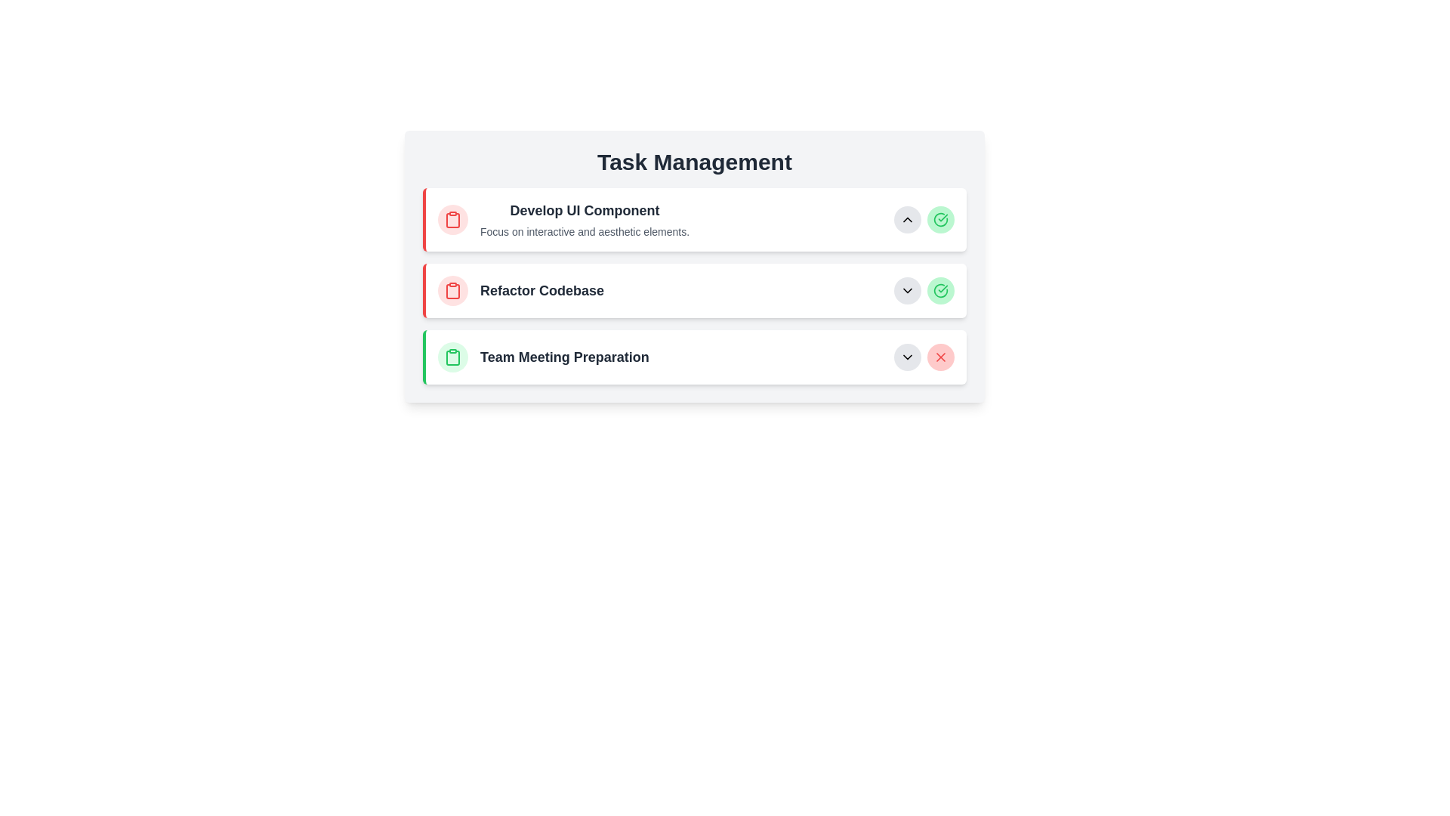 The height and width of the screenshot is (816, 1450). Describe the element at coordinates (940, 357) in the screenshot. I see `the delete/close icon button located on the far right of the 'Team Meeting Preparation' list item` at that location.